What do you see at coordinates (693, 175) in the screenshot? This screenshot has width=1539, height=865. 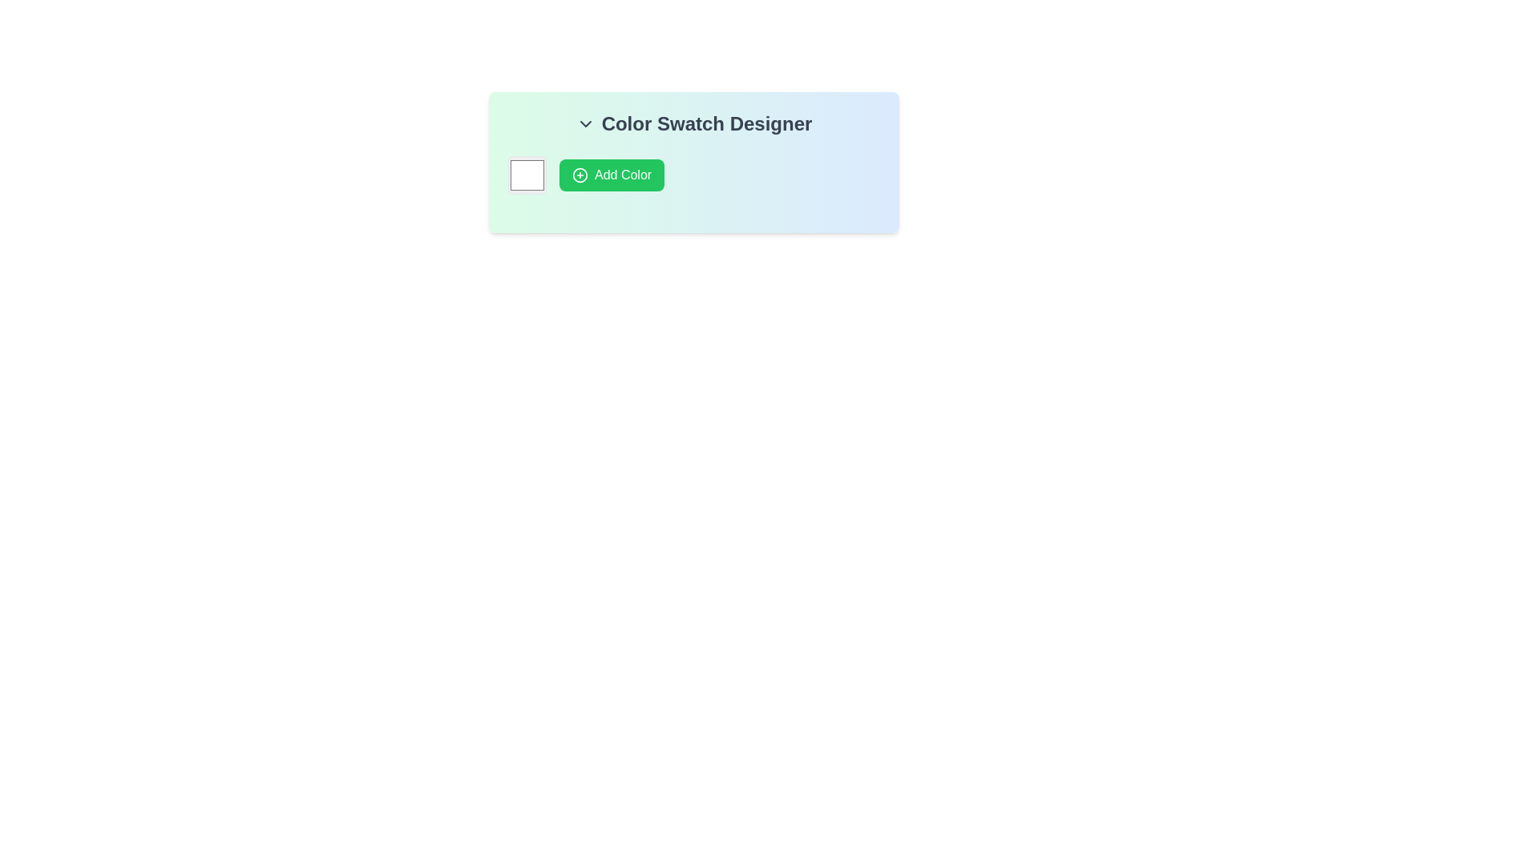 I see `the composite UI component consisting of a color preview box, a green button labeled 'Add Color', and additional blank space, located below the title 'Color Swatch Designer'` at bounding box center [693, 175].